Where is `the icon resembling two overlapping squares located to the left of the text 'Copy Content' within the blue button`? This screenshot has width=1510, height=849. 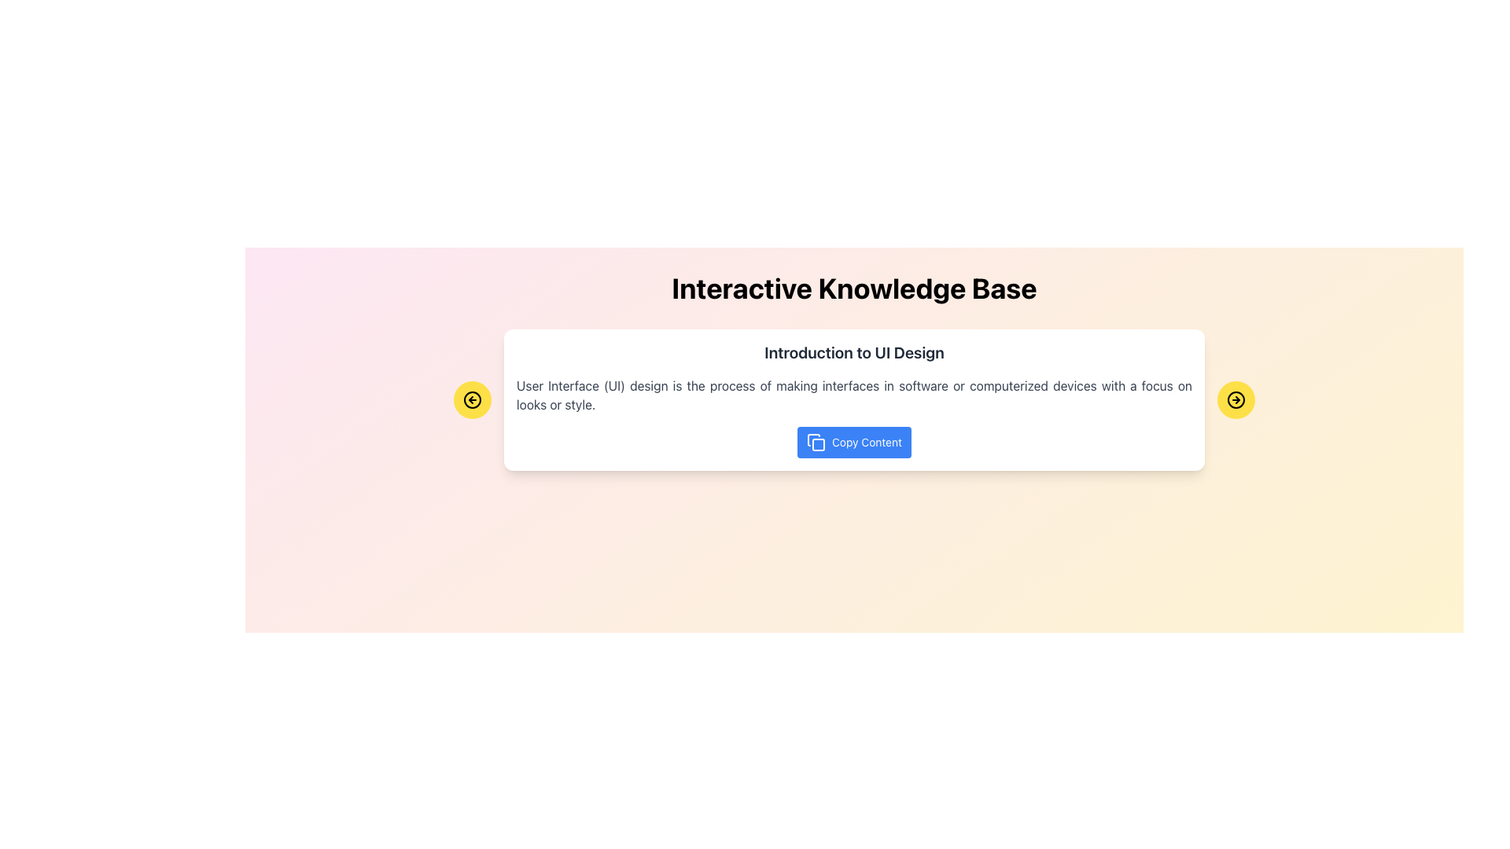 the icon resembling two overlapping squares located to the left of the text 'Copy Content' within the blue button is located at coordinates (816, 443).